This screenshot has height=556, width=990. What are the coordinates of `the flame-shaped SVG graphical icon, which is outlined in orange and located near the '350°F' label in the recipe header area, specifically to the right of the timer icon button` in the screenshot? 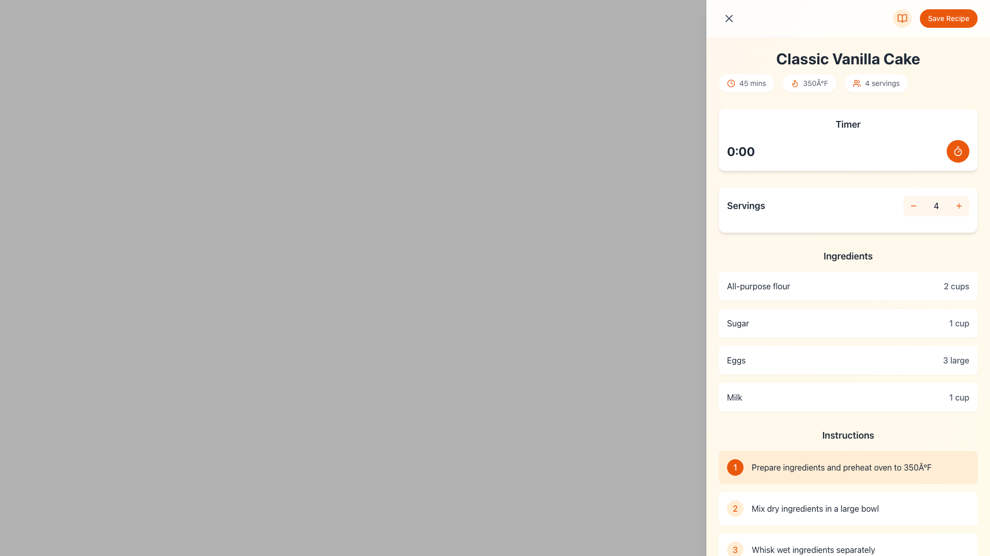 It's located at (794, 83).